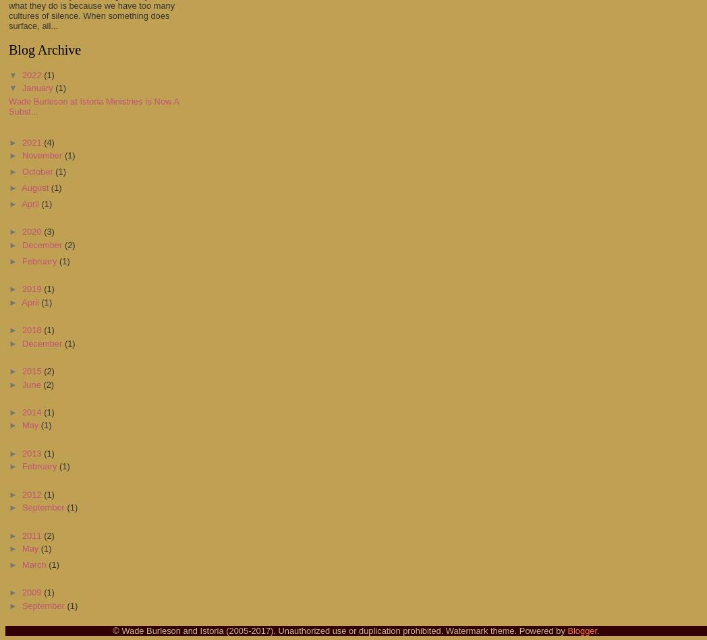  I want to click on '2012', so click(32, 494).